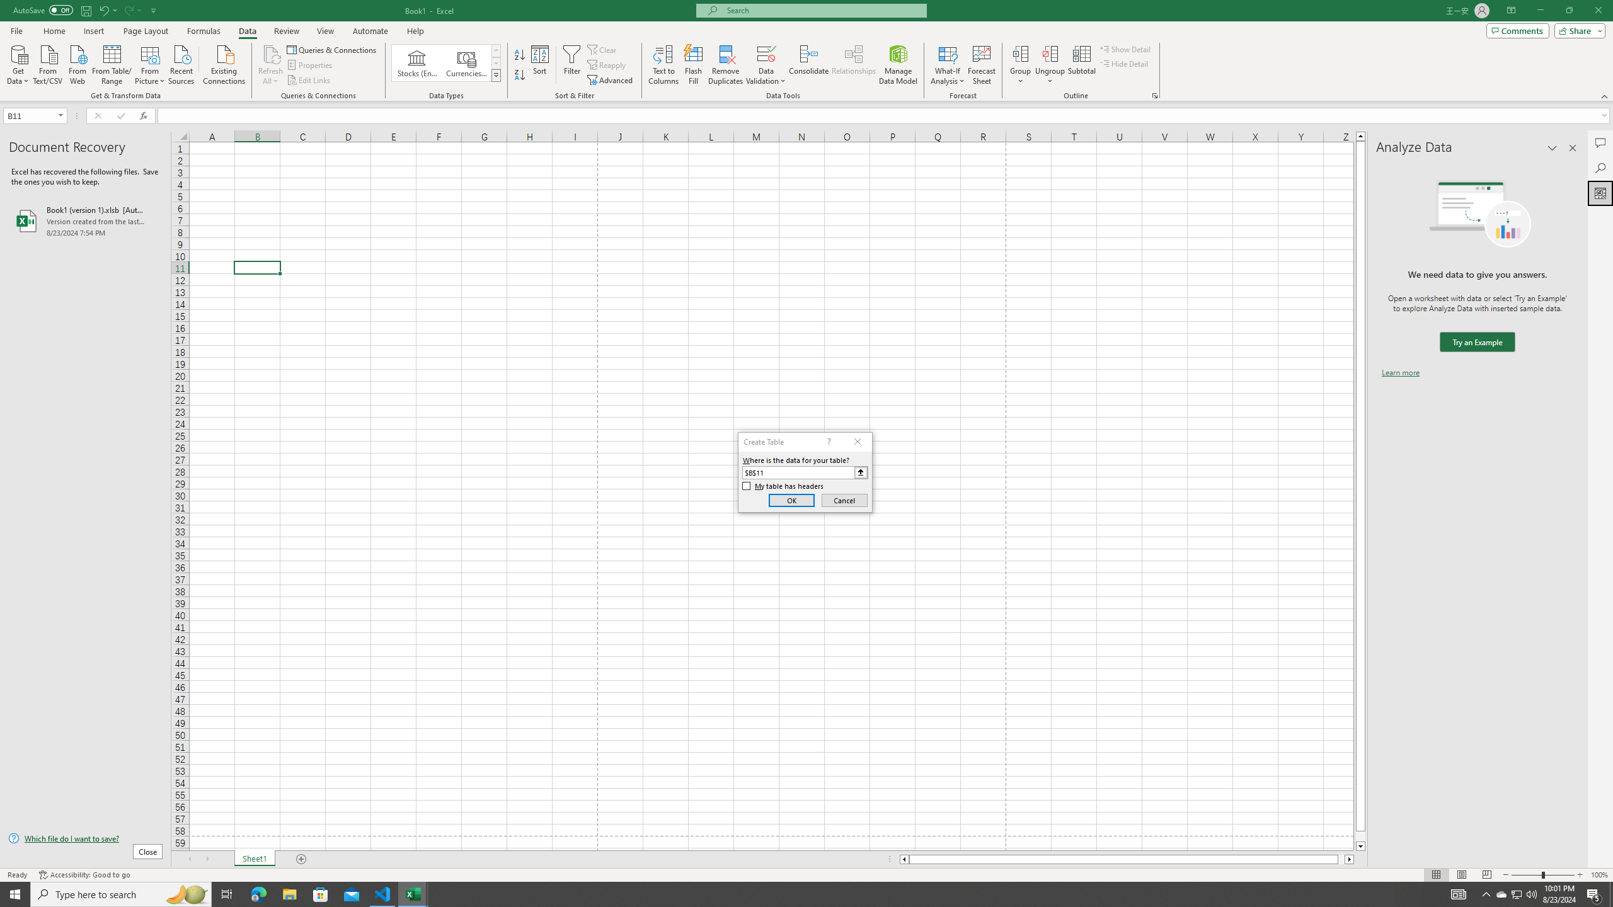 The image size is (1613, 907). I want to click on 'Stocks (English)', so click(416, 62).